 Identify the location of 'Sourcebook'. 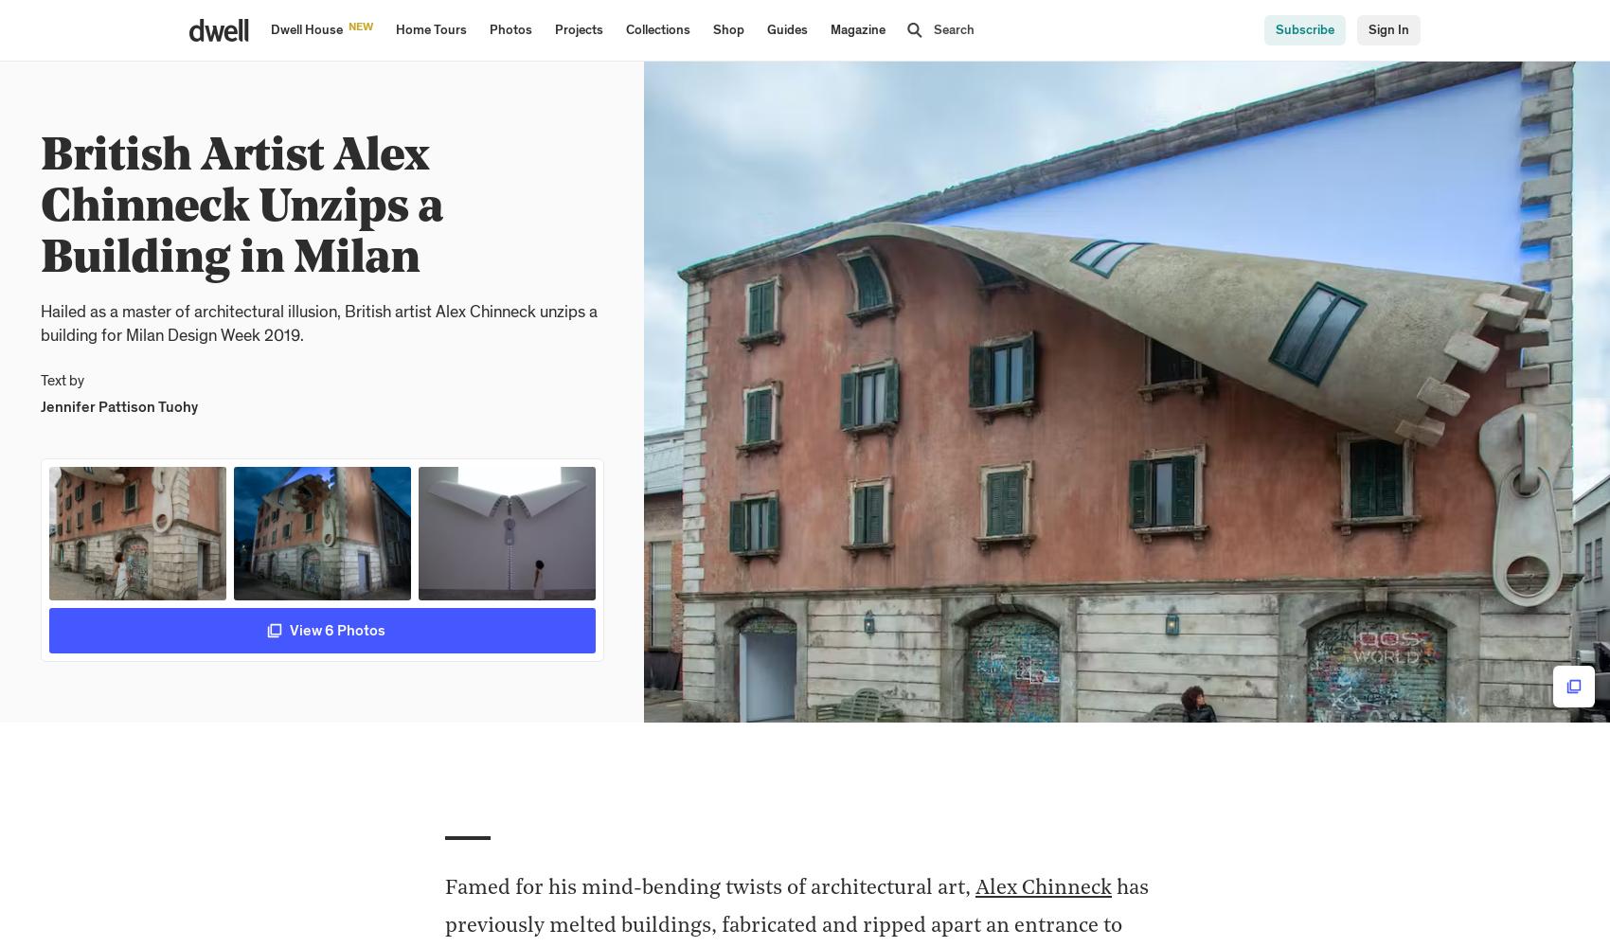
(587, 11).